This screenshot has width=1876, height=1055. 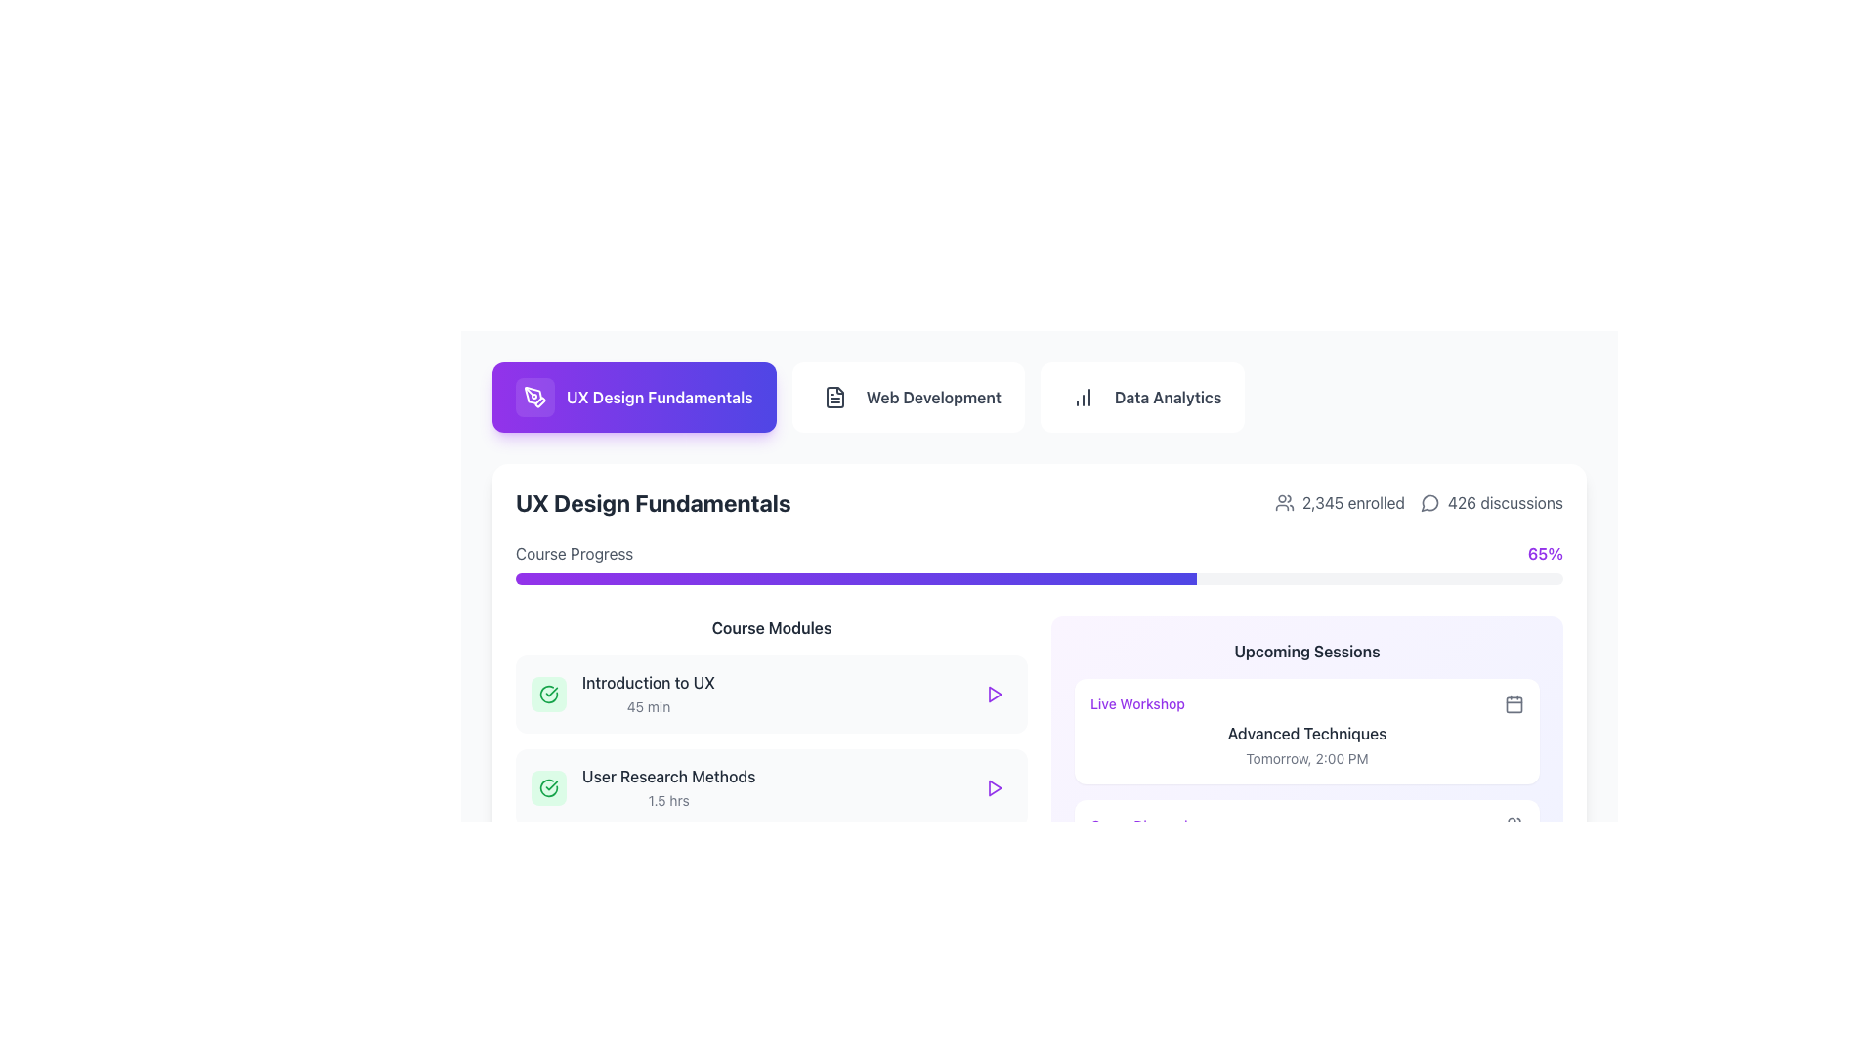 I want to click on text label displaying 'UX Design Fundamentals' located in the center-right area of a rounded rectangular button within the navigation header, so click(x=660, y=397).